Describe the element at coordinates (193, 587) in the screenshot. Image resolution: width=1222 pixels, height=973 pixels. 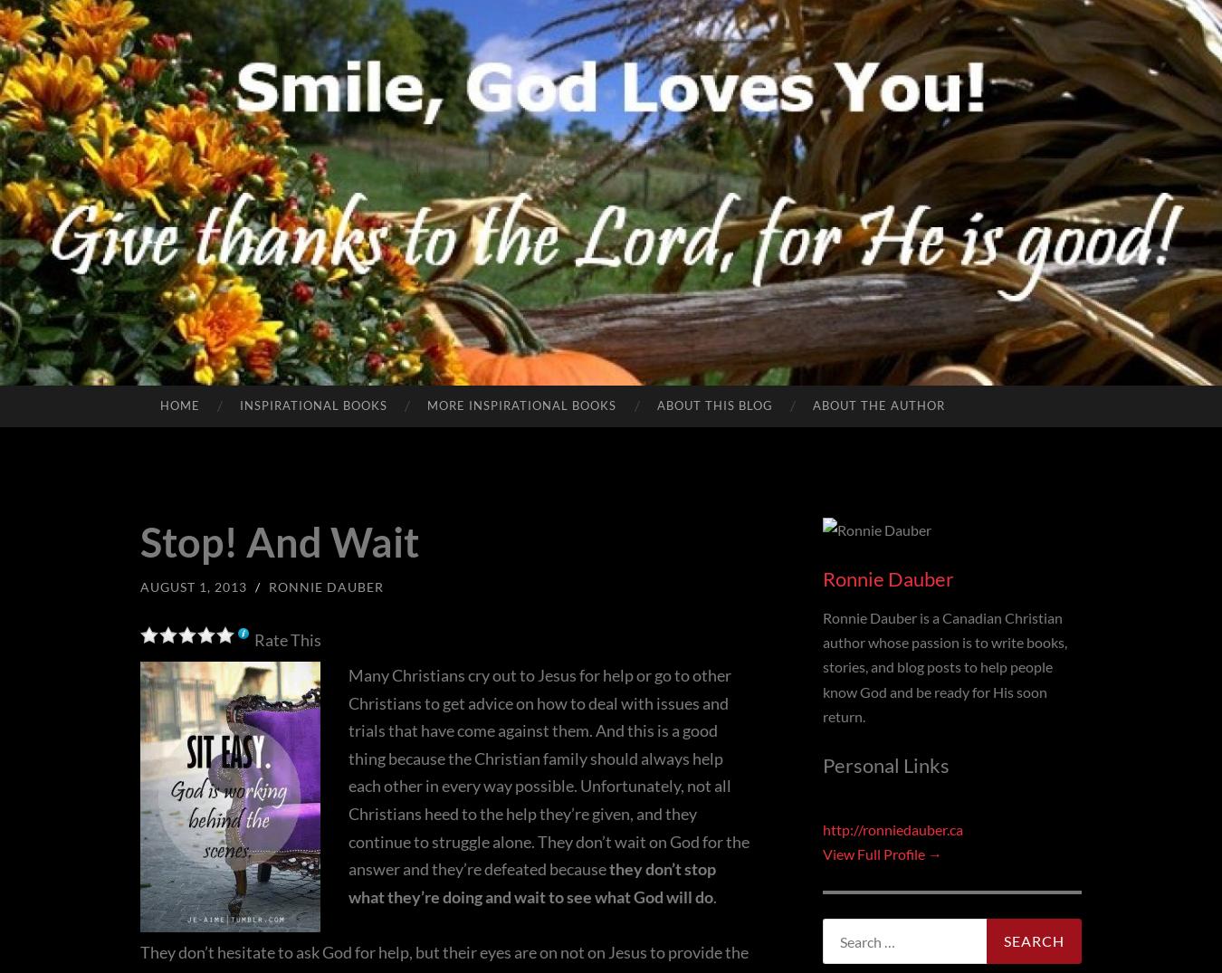
I see `'August 1, 2013'` at that location.